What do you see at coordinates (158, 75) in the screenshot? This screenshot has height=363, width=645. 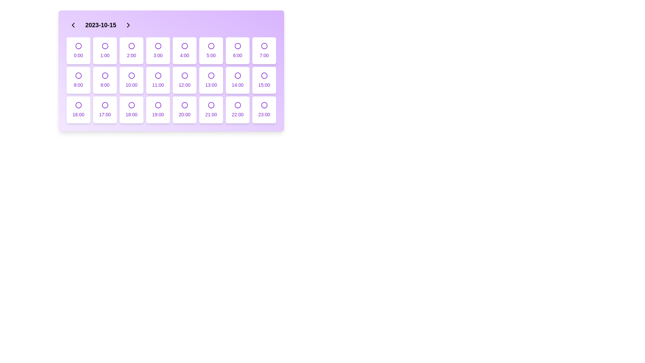 I see `the circular icon with a purple stroke located within the grid cell labeled '11:00'` at bounding box center [158, 75].